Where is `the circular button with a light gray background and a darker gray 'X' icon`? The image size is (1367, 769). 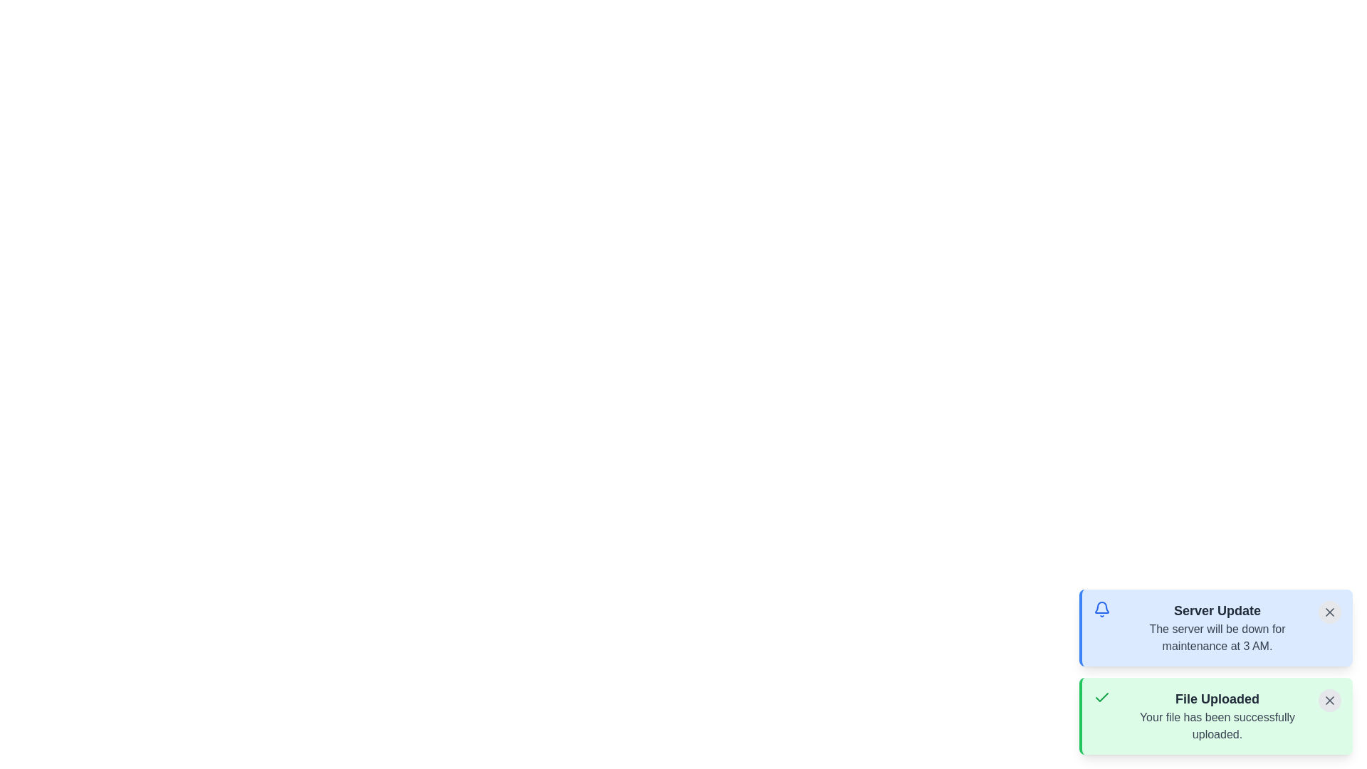
the circular button with a light gray background and a darker gray 'X' icon is located at coordinates (1329, 699).